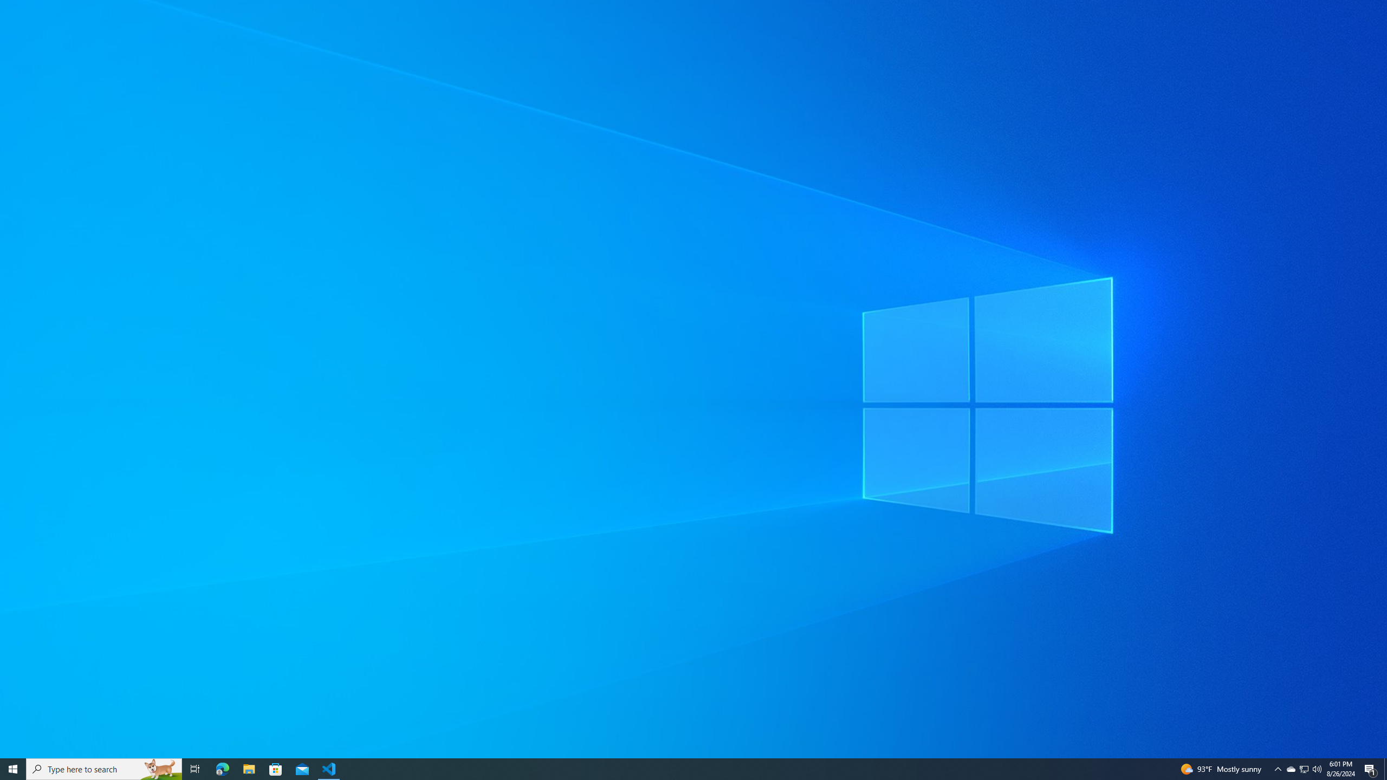  Describe the element at coordinates (222, 768) in the screenshot. I see `'Microsoft Edge'` at that location.